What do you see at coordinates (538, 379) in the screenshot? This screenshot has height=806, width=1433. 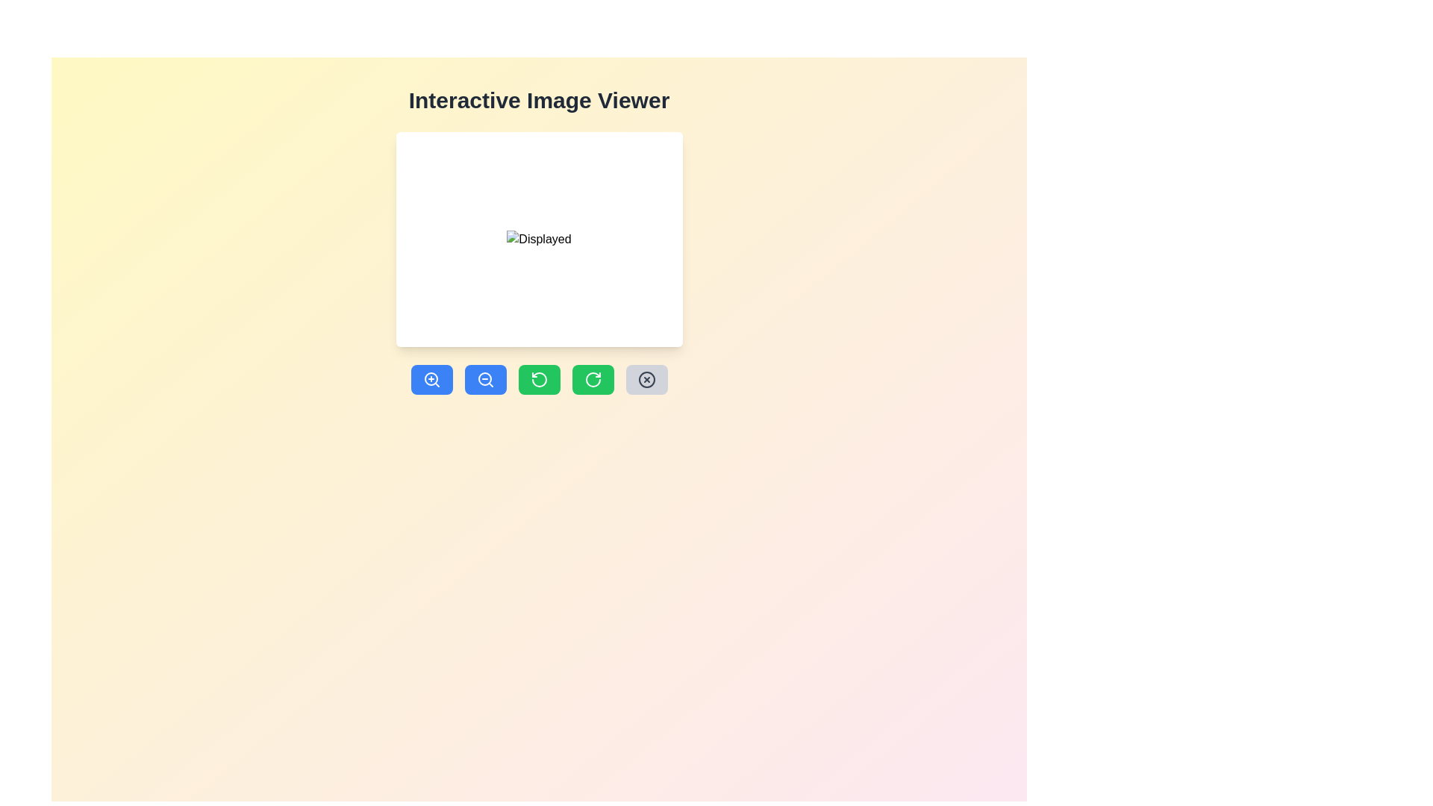 I see `the third button in the row of interactive buttons below the central image viewer` at bounding box center [538, 379].